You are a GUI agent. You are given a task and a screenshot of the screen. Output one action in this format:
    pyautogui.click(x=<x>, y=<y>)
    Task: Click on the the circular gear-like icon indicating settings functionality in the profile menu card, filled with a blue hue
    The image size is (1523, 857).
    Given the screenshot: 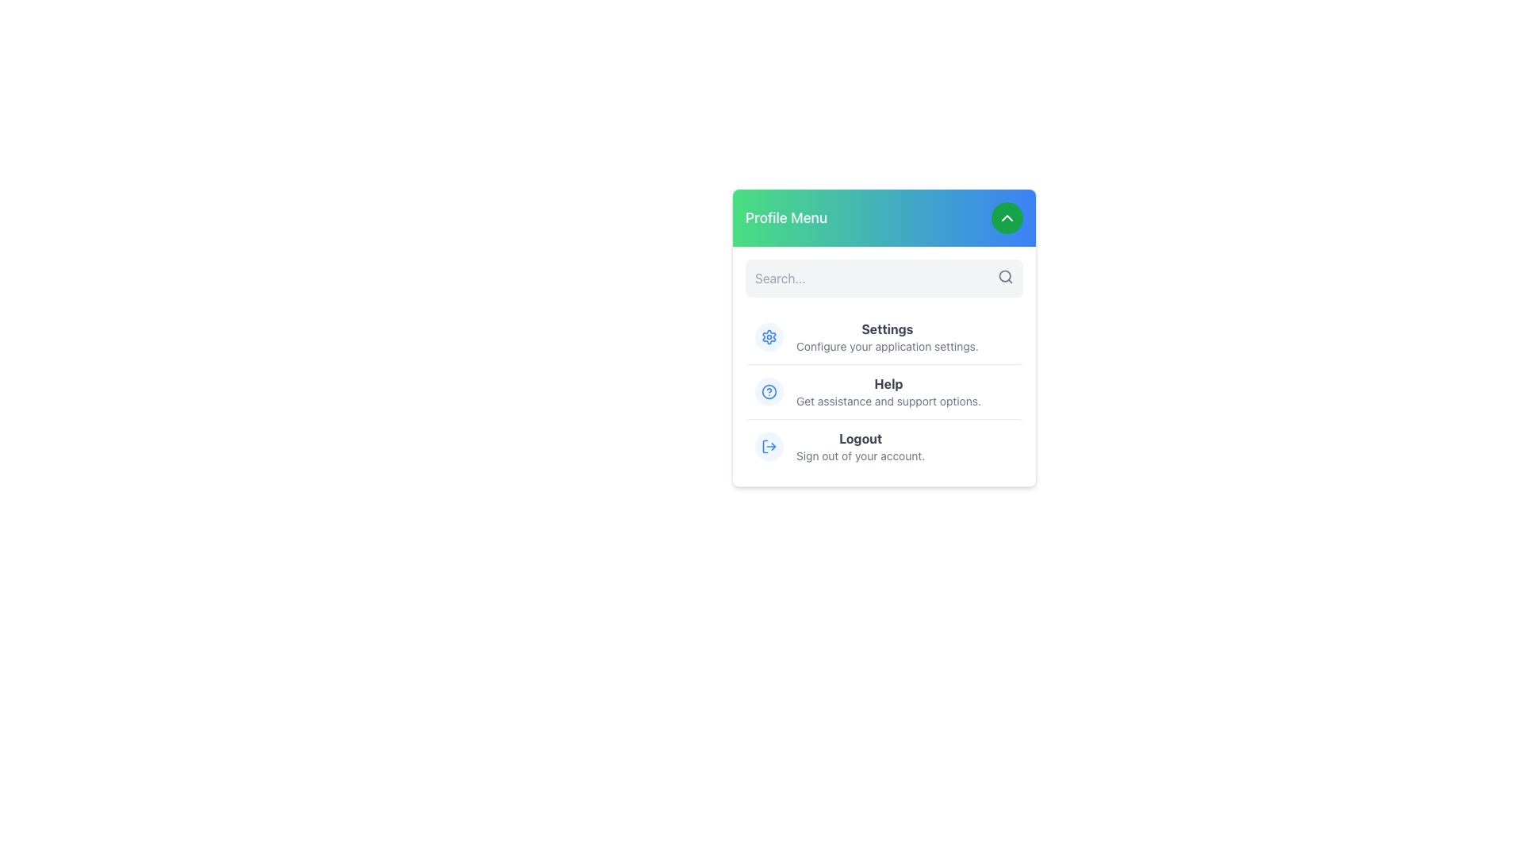 What is the action you would take?
    pyautogui.click(x=769, y=336)
    